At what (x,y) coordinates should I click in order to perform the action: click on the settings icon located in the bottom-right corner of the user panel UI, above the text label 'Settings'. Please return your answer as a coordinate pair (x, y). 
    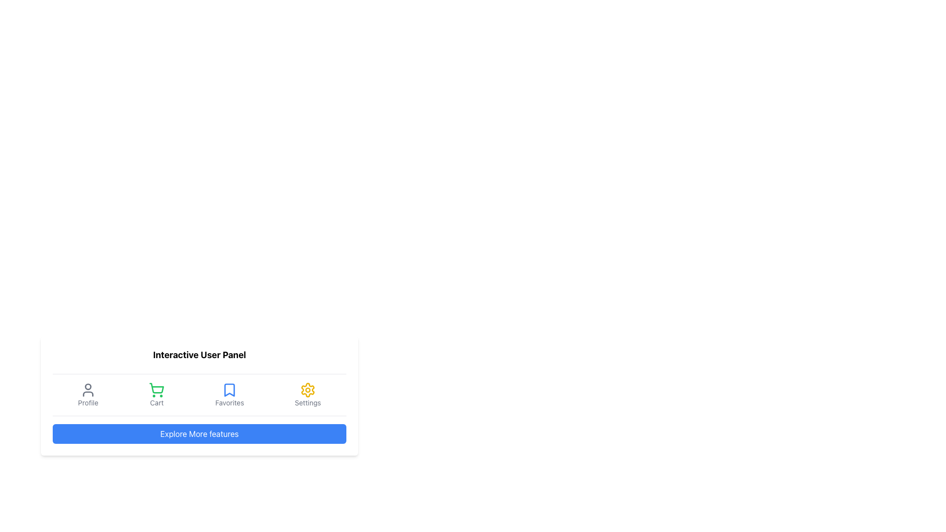
    Looking at the image, I should click on (307, 389).